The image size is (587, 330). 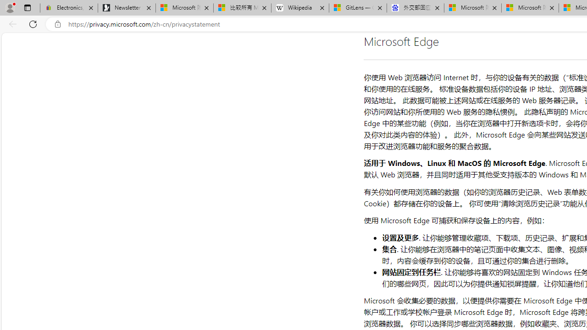 What do you see at coordinates (300, 8) in the screenshot?
I see `'Wikipedia'` at bounding box center [300, 8].